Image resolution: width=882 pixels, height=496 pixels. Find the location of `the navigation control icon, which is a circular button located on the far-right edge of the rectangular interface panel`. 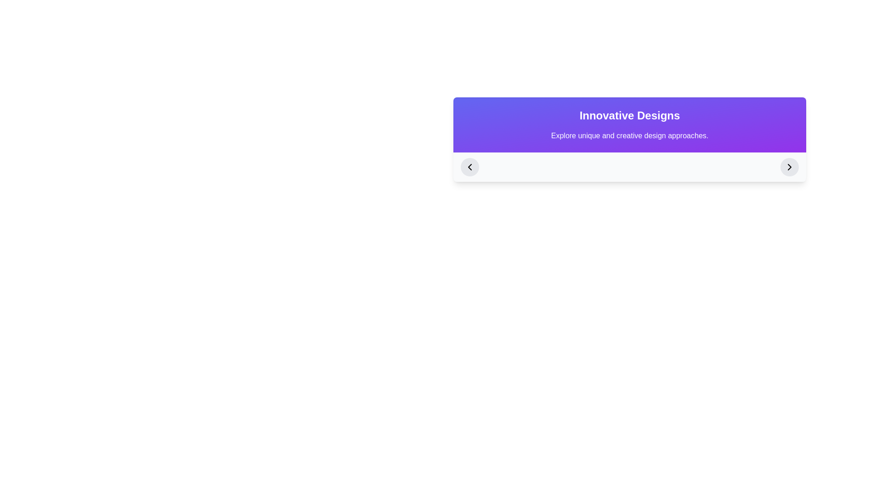

the navigation control icon, which is a circular button located on the far-right edge of the rectangular interface panel is located at coordinates (789, 167).